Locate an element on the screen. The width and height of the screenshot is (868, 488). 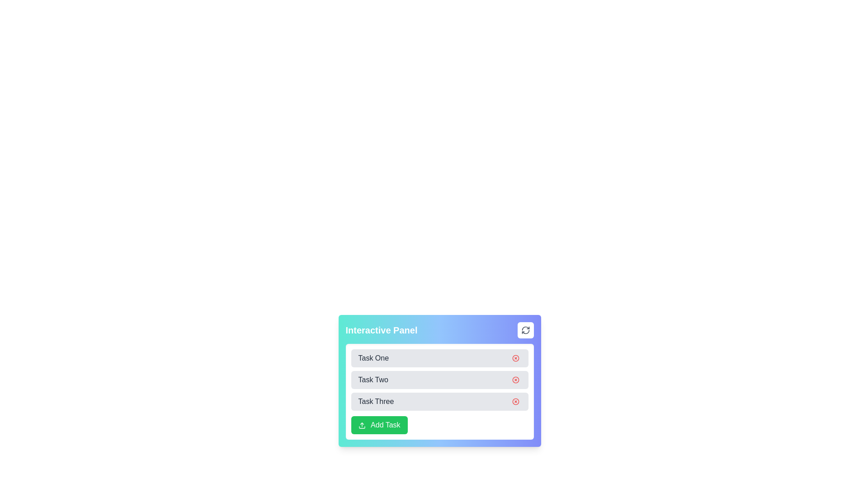
the delete button for the 'Task Three' task located at the far right of its row is located at coordinates (515, 401).